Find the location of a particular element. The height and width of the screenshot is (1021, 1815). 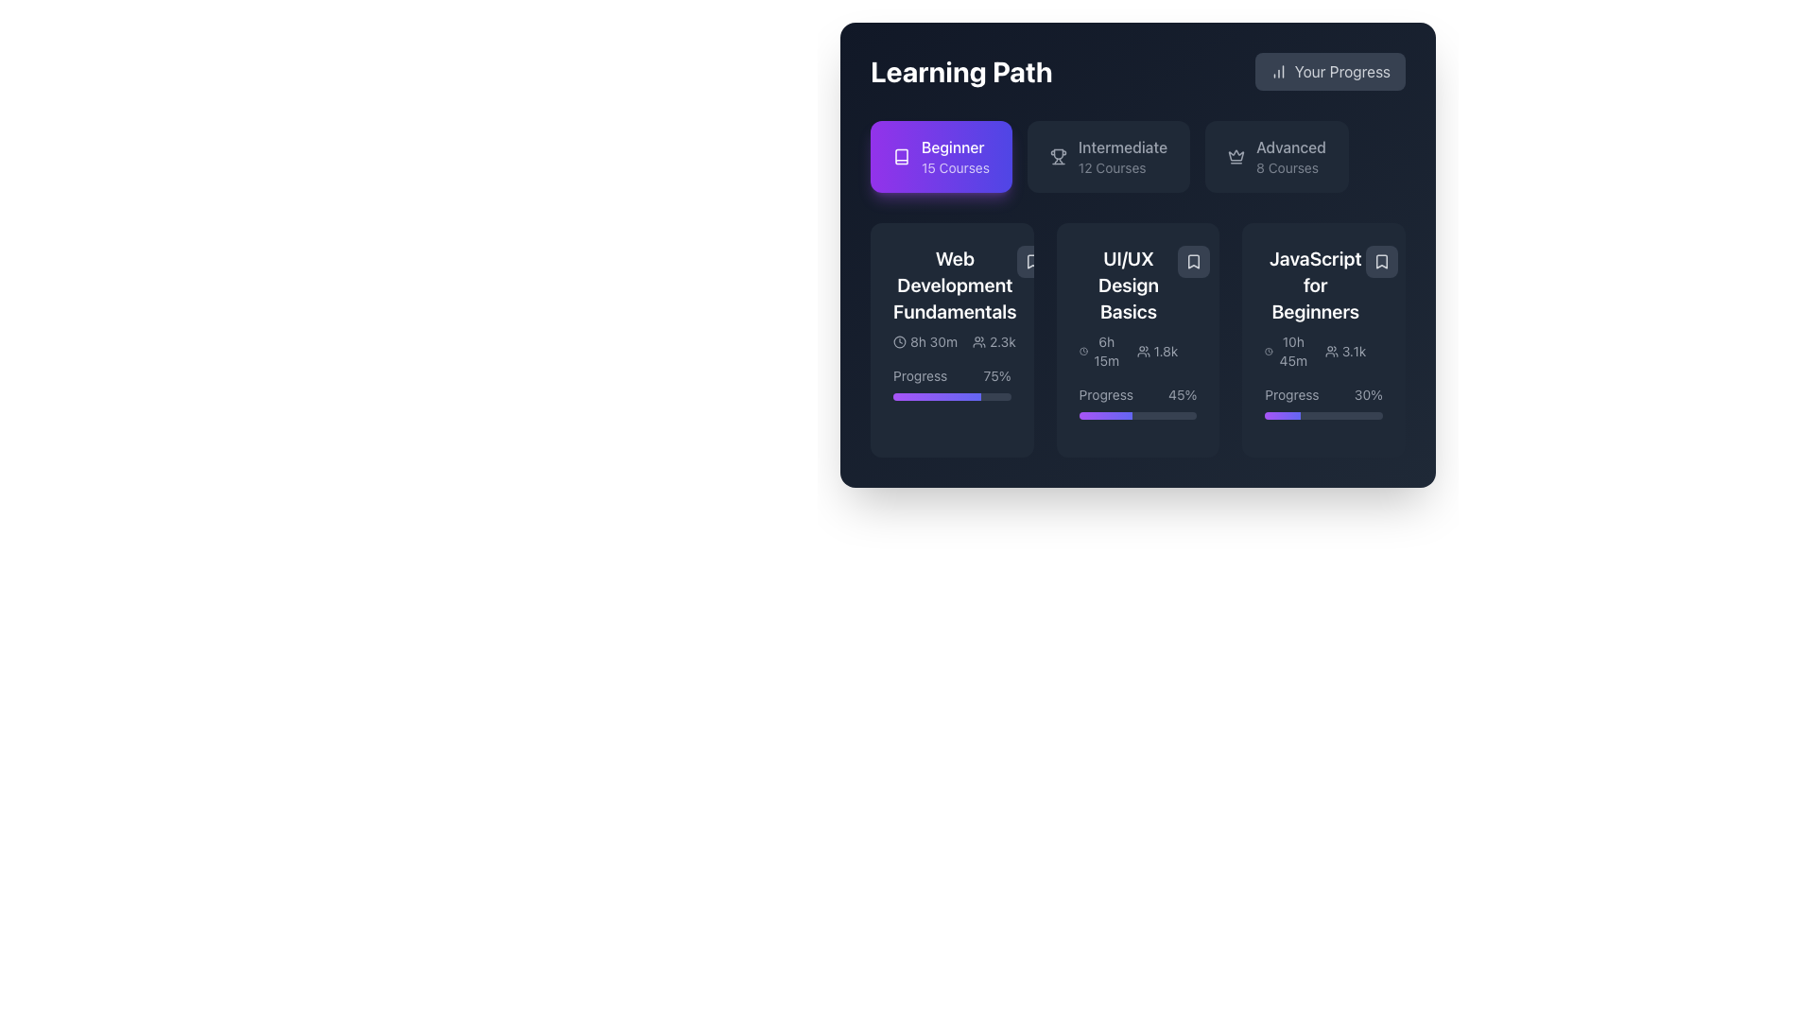

text label displaying 'Progress' located at the bottom-left corner of the 'JavaScript for Beginners' course card, just above the progress bar is located at coordinates (1291, 393).